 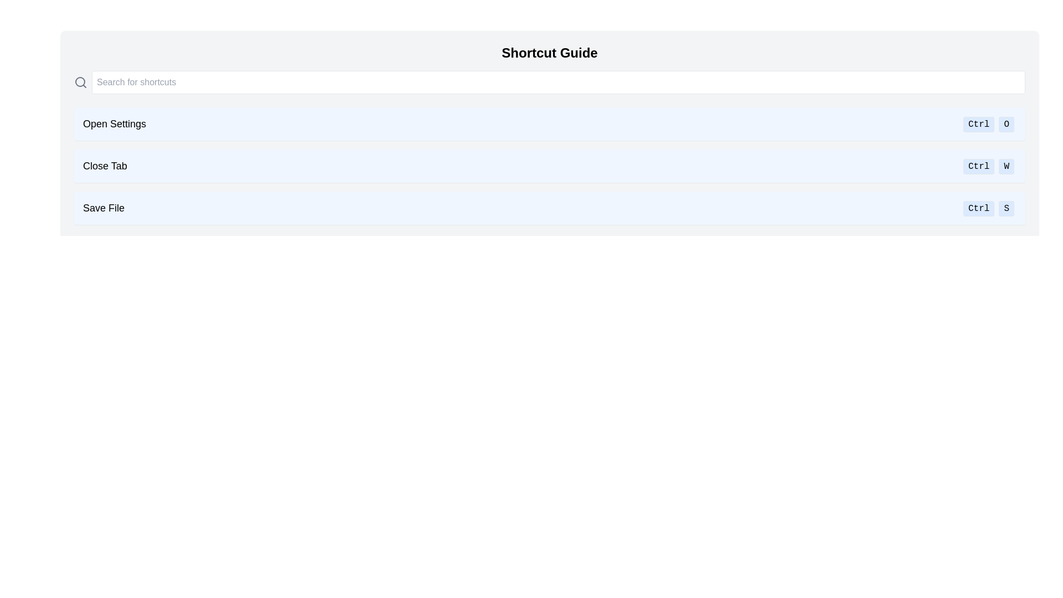 I want to click on the Informational list item that indicates the keyboard shortcut 'Ctrl + S' for 'Save File' in the 'Shortcut Guide' interface, which is the third item from the top, so click(x=550, y=208).